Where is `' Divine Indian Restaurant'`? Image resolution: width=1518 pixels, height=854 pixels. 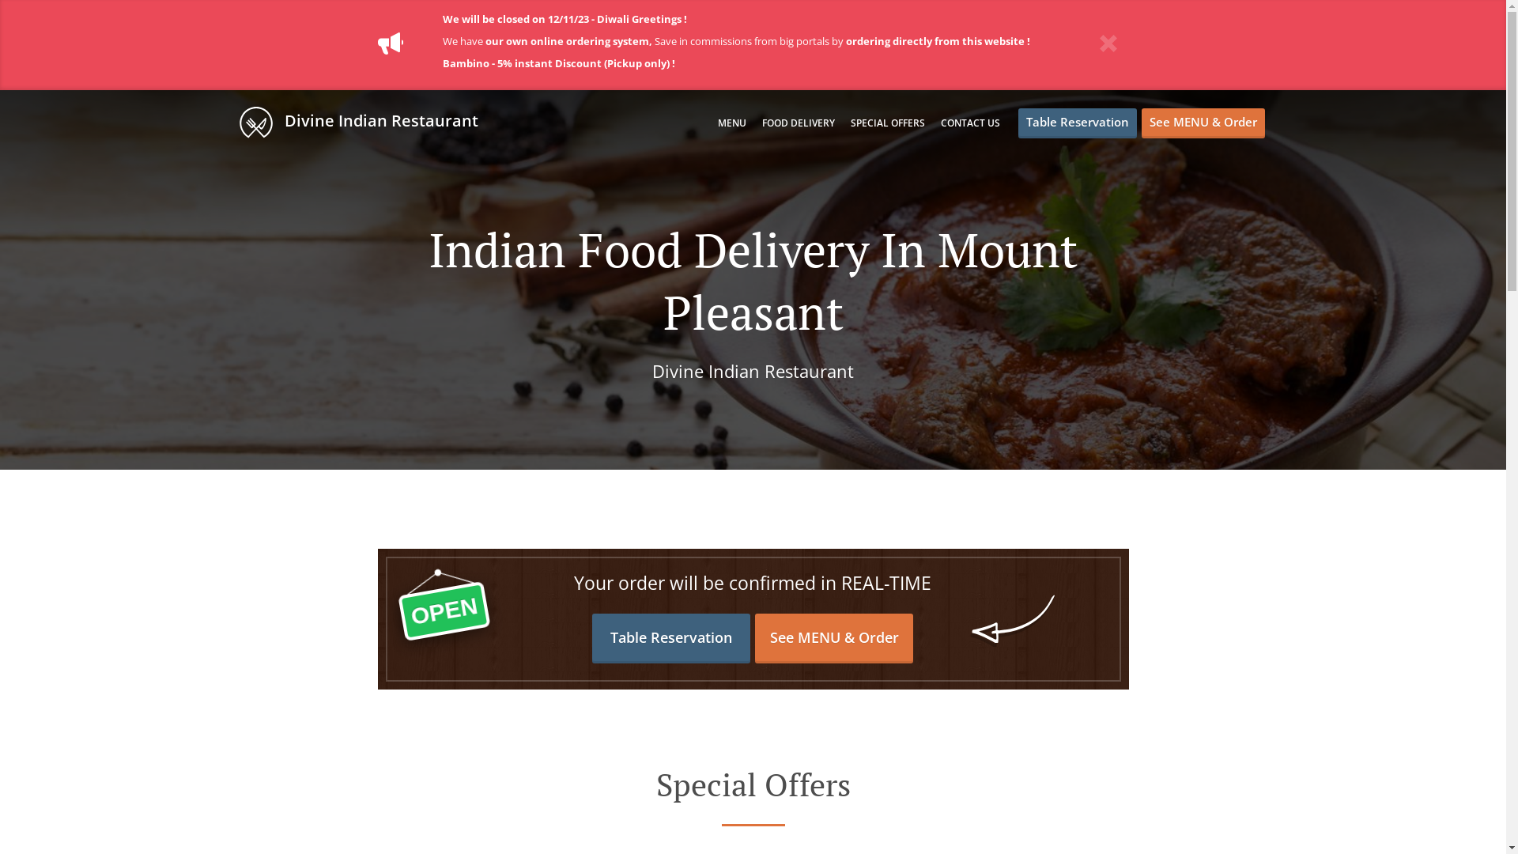
' Divine Indian Restaurant' is located at coordinates (364, 121).